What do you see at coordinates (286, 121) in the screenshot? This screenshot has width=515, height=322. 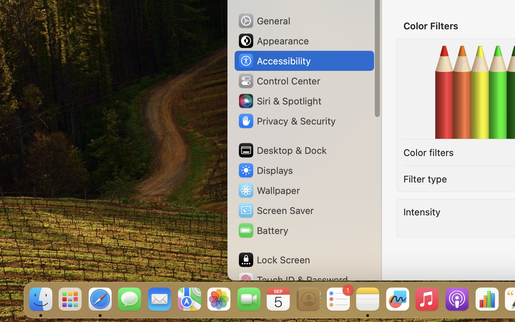 I see `'Privacy & Security'` at bounding box center [286, 121].